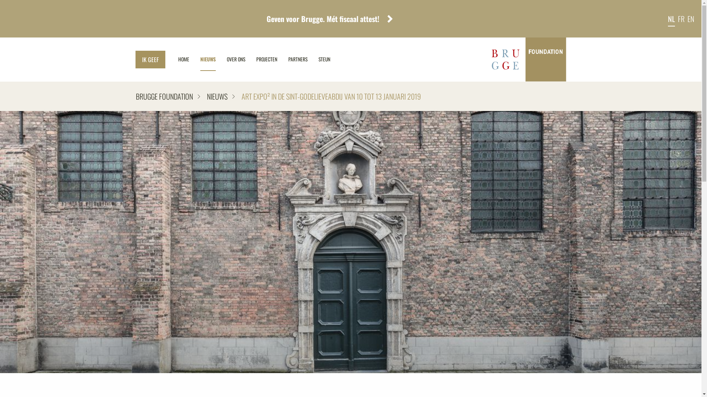  Describe the element at coordinates (298, 59) in the screenshot. I see `'PARTNERS'` at that location.